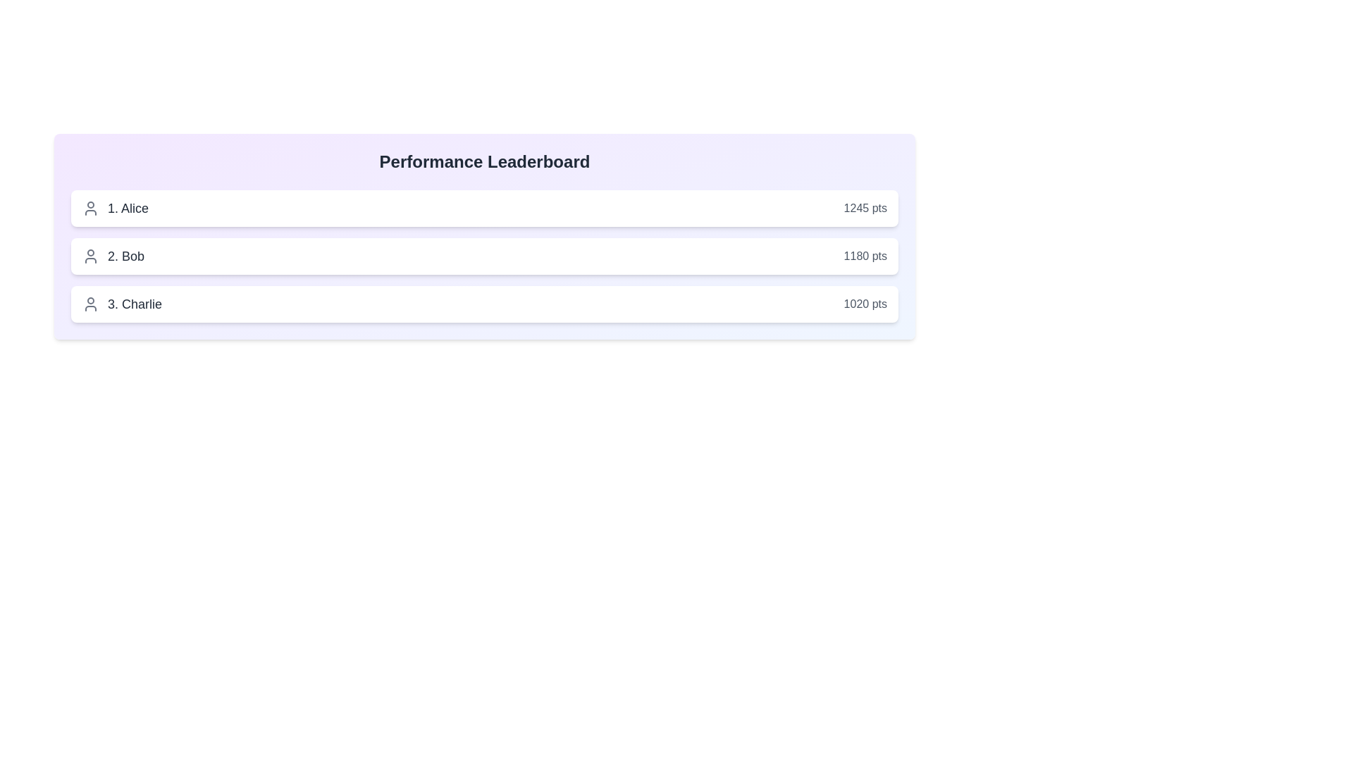 Image resolution: width=1353 pixels, height=761 pixels. I want to click on the user entry for Bob, so click(484, 256).